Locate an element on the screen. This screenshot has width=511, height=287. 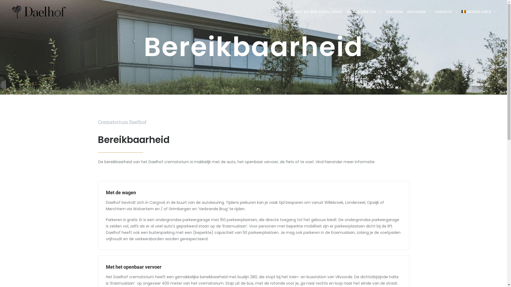
'TARIEVEN' is located at coordinates (394, 12).